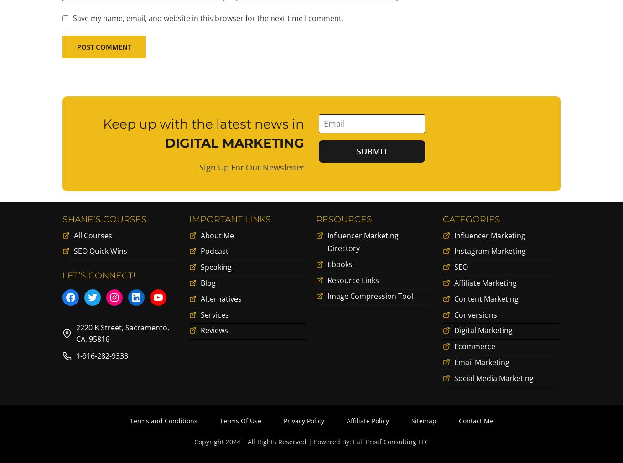 This screenshot has width=623, height=463. What do you see at coordinates (200, 332) in the screenshot?
I see `'Reviews'` at bounding box center [200, 332].